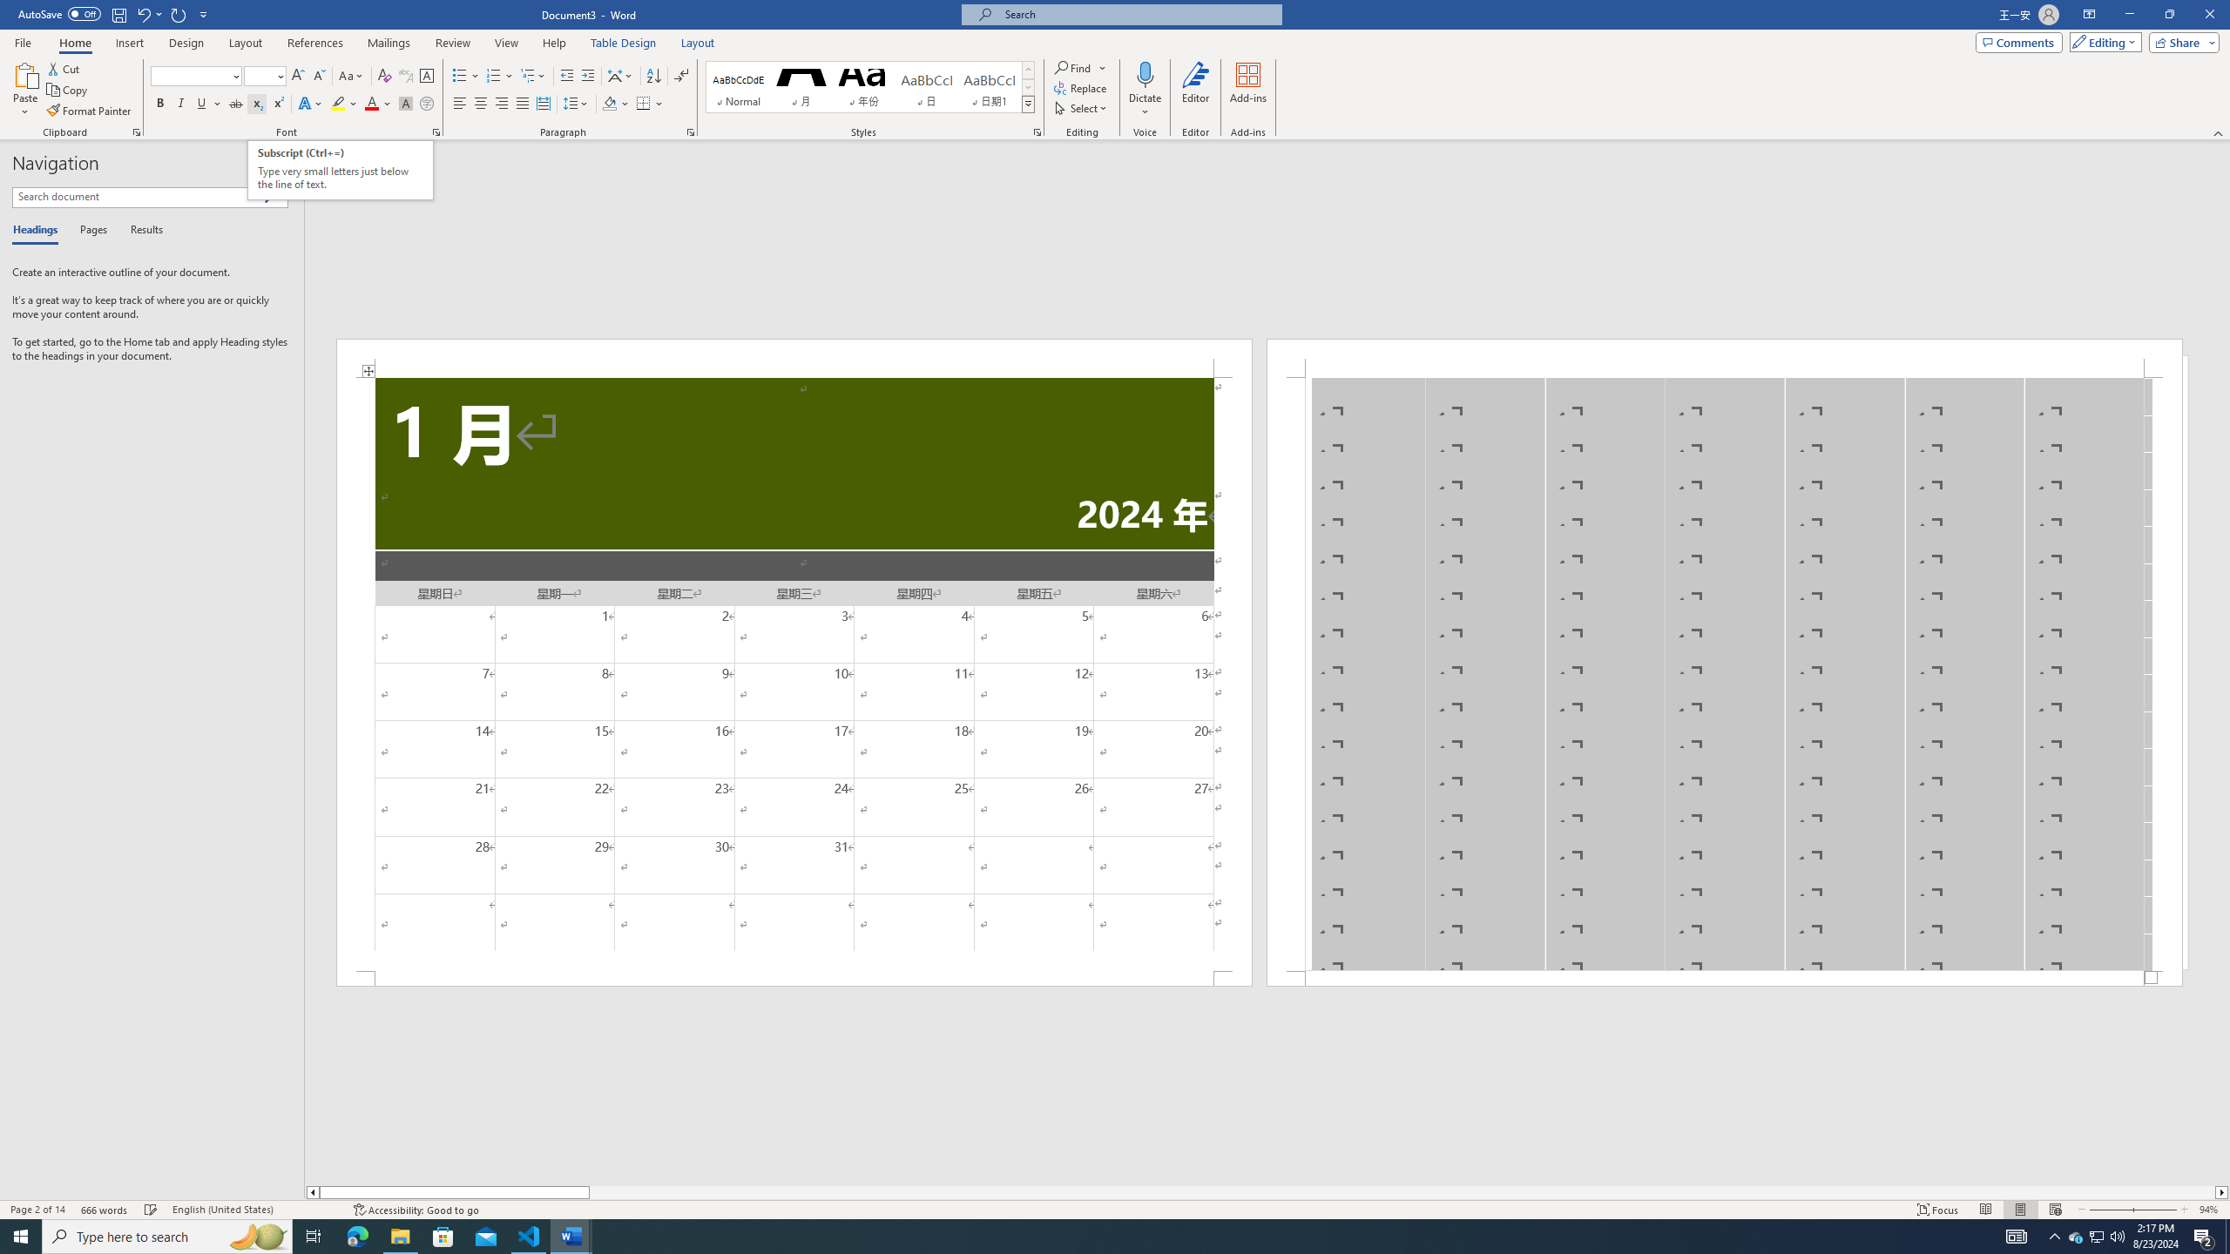 This screenshot has height=1254, width=2230. What do you see at coordinates (253, 1210) in the screenshot?
I see `'Language English (United States)'` at bounding box center [253, 1210].